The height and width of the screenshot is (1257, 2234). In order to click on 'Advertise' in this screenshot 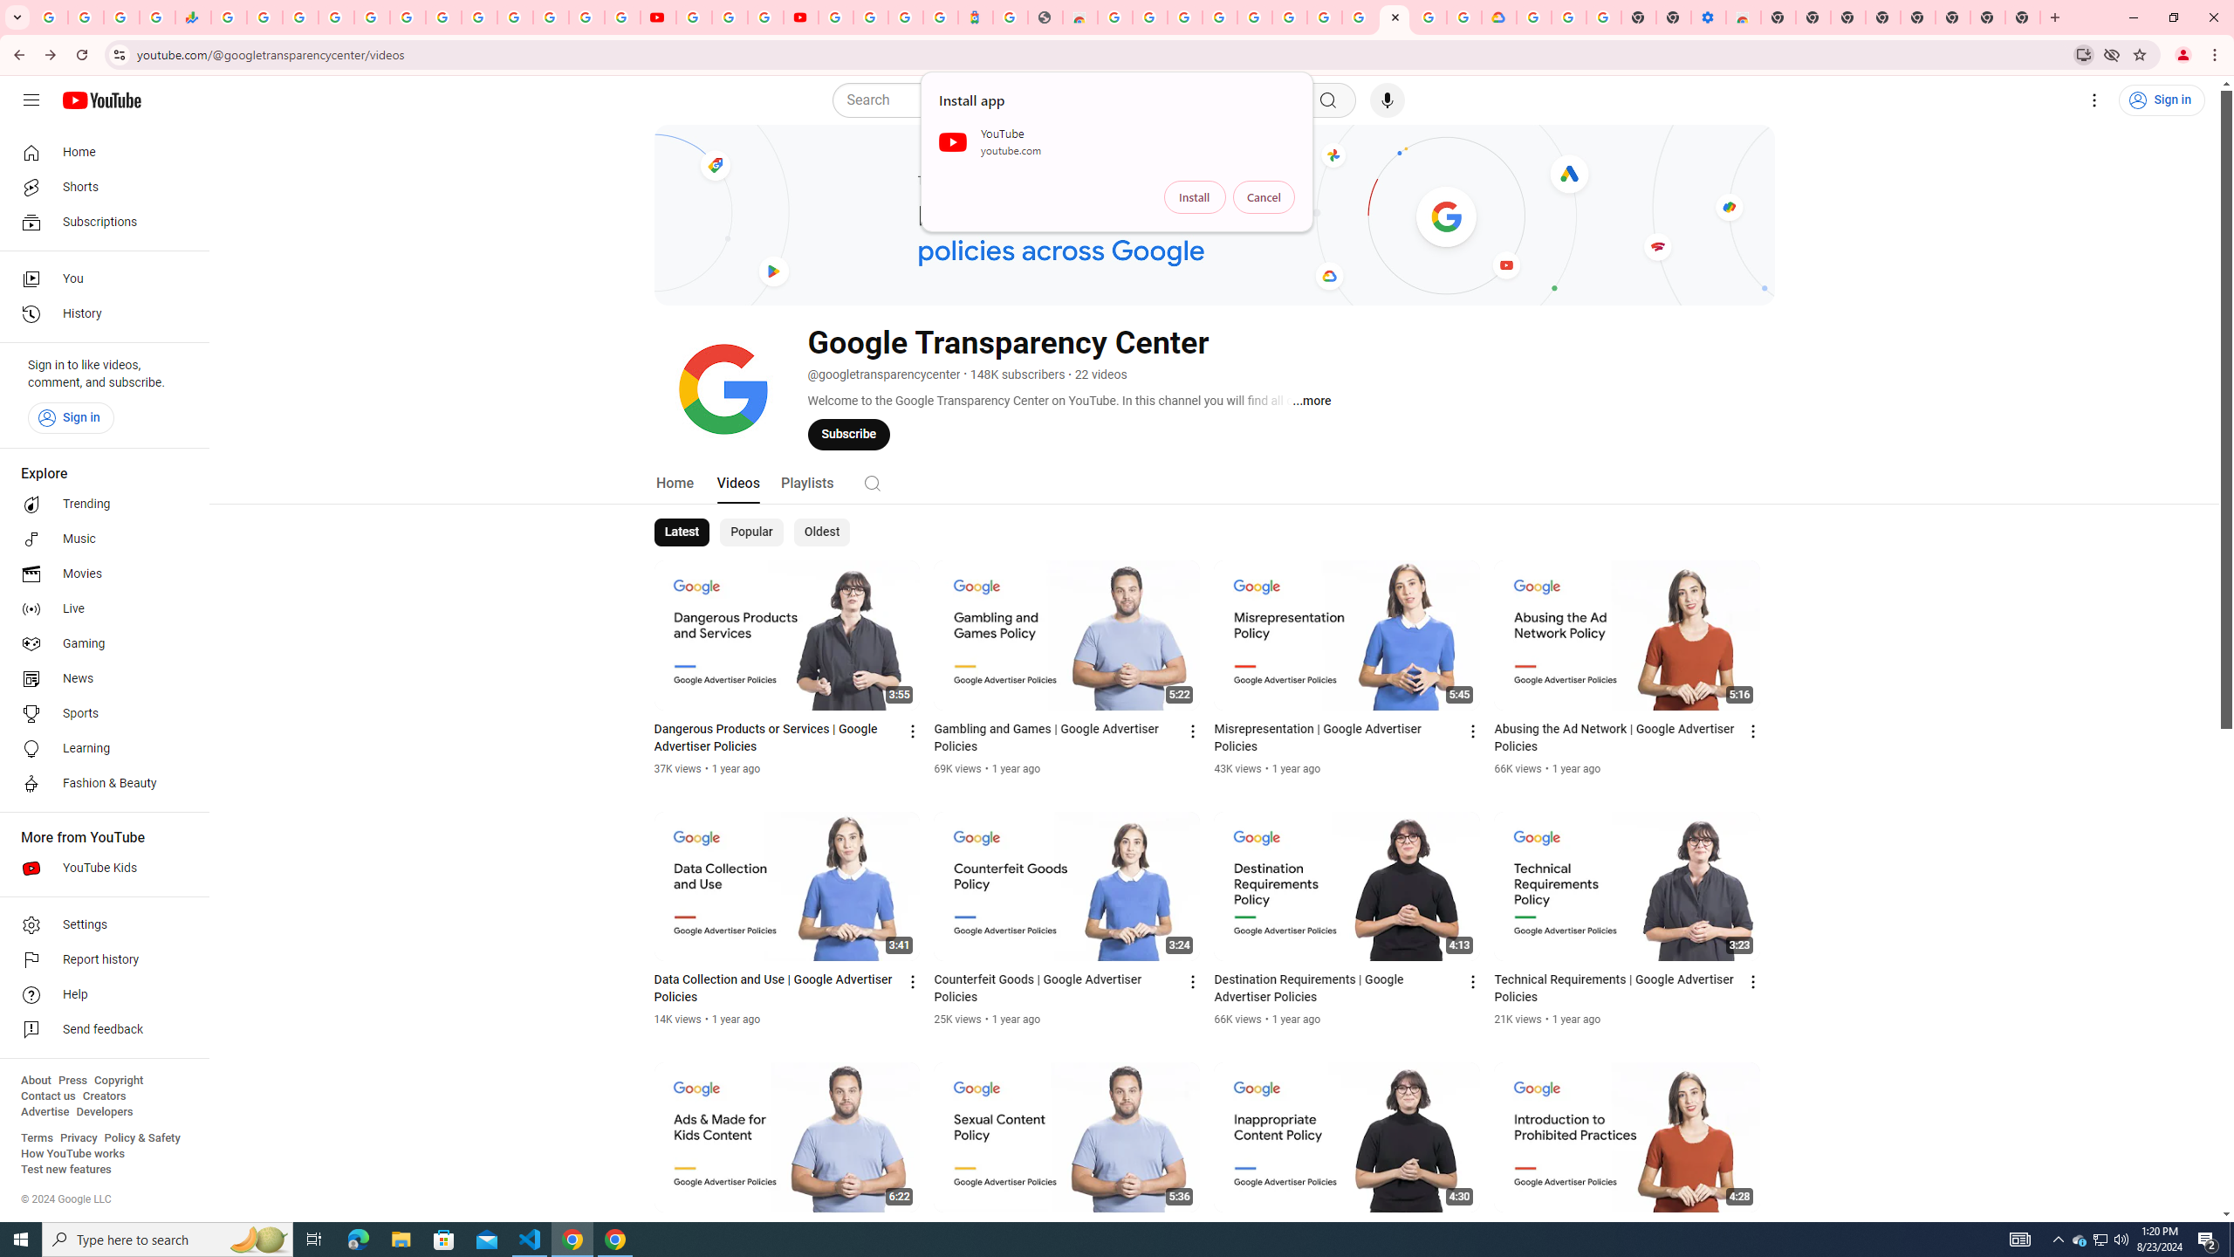, I will do `click(44, 1110)`.